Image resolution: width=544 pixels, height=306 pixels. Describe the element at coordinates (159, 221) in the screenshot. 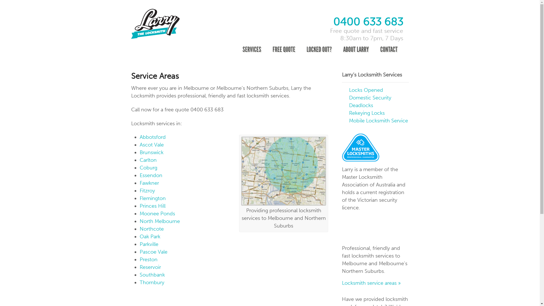

I see `'North Melbourne'` at that location.